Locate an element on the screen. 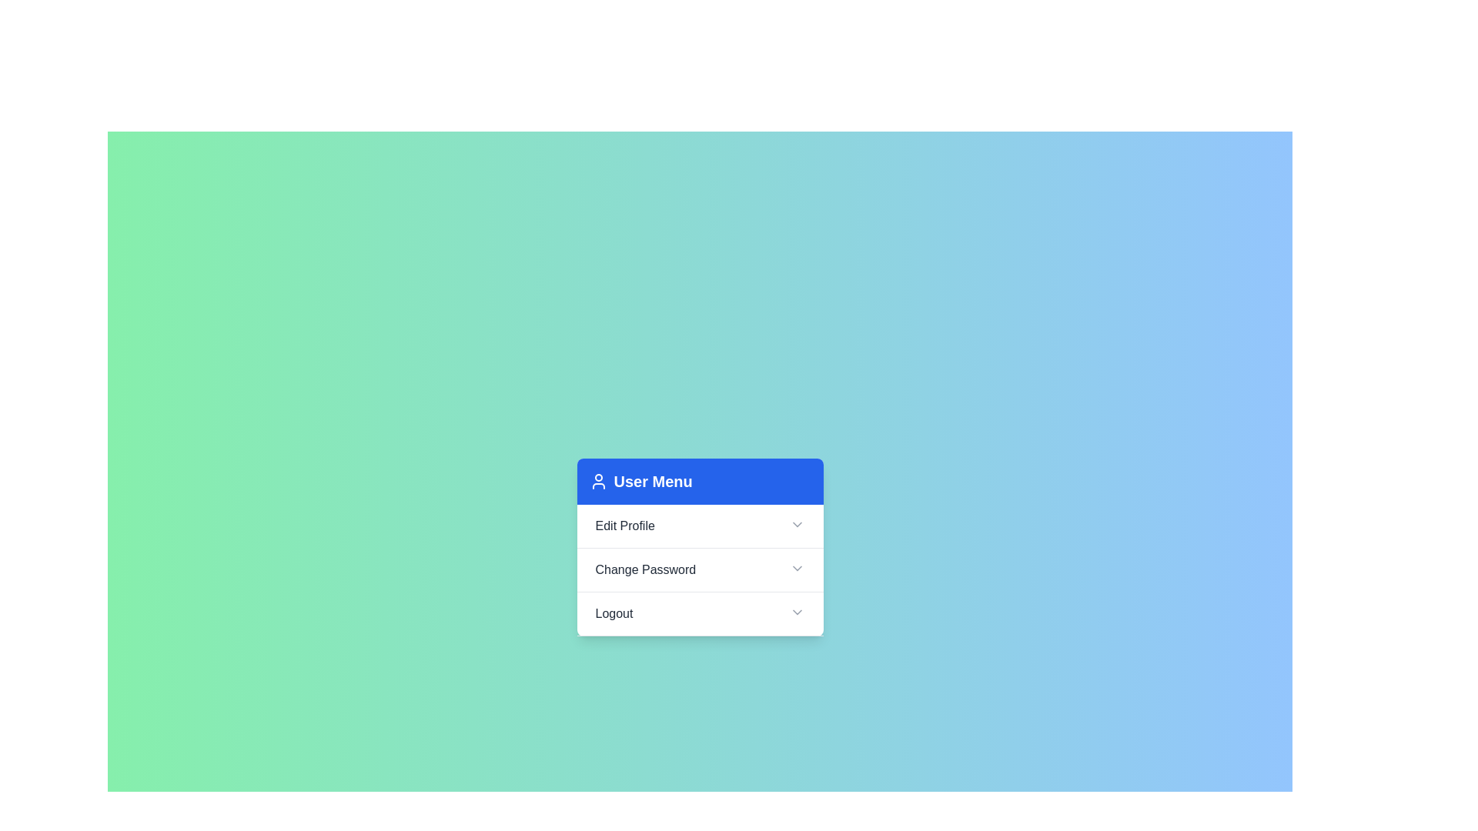 The width and height of the screenshot is (1478, 831). the header Edit Profile to trigger its action is located at coordinates (699, 525).